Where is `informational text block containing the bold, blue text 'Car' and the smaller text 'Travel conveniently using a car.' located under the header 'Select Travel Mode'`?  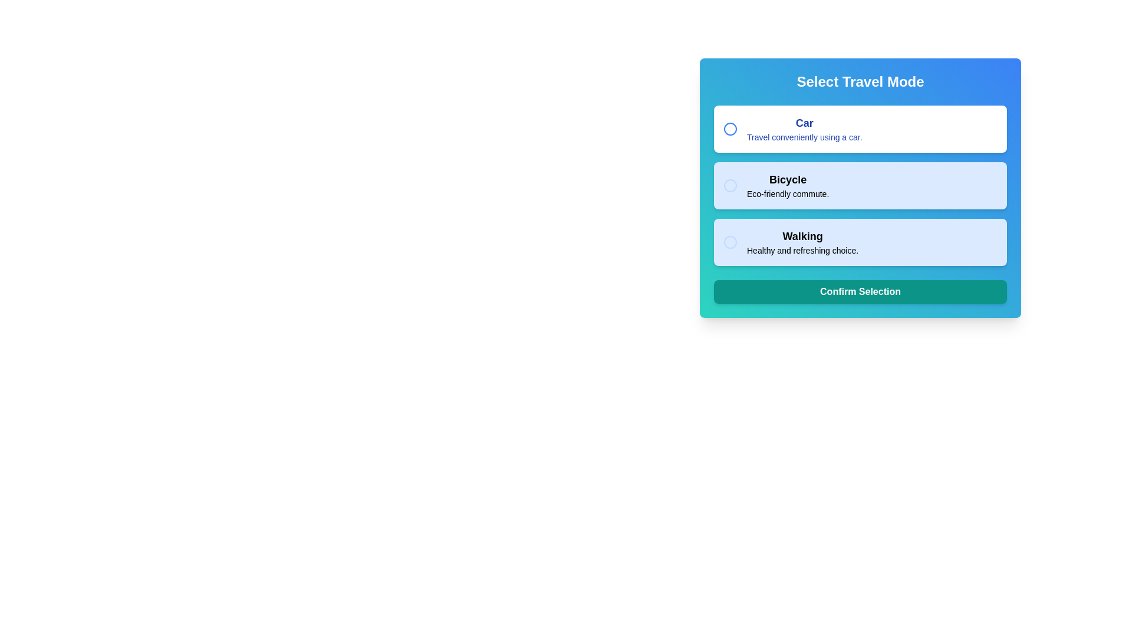 informational text block containing the bold, blue text 'Car' and the smaller text 'Travel conveniently using a car.' located under the header 'Select Travel Mode' is located at coordinates (804, 129).